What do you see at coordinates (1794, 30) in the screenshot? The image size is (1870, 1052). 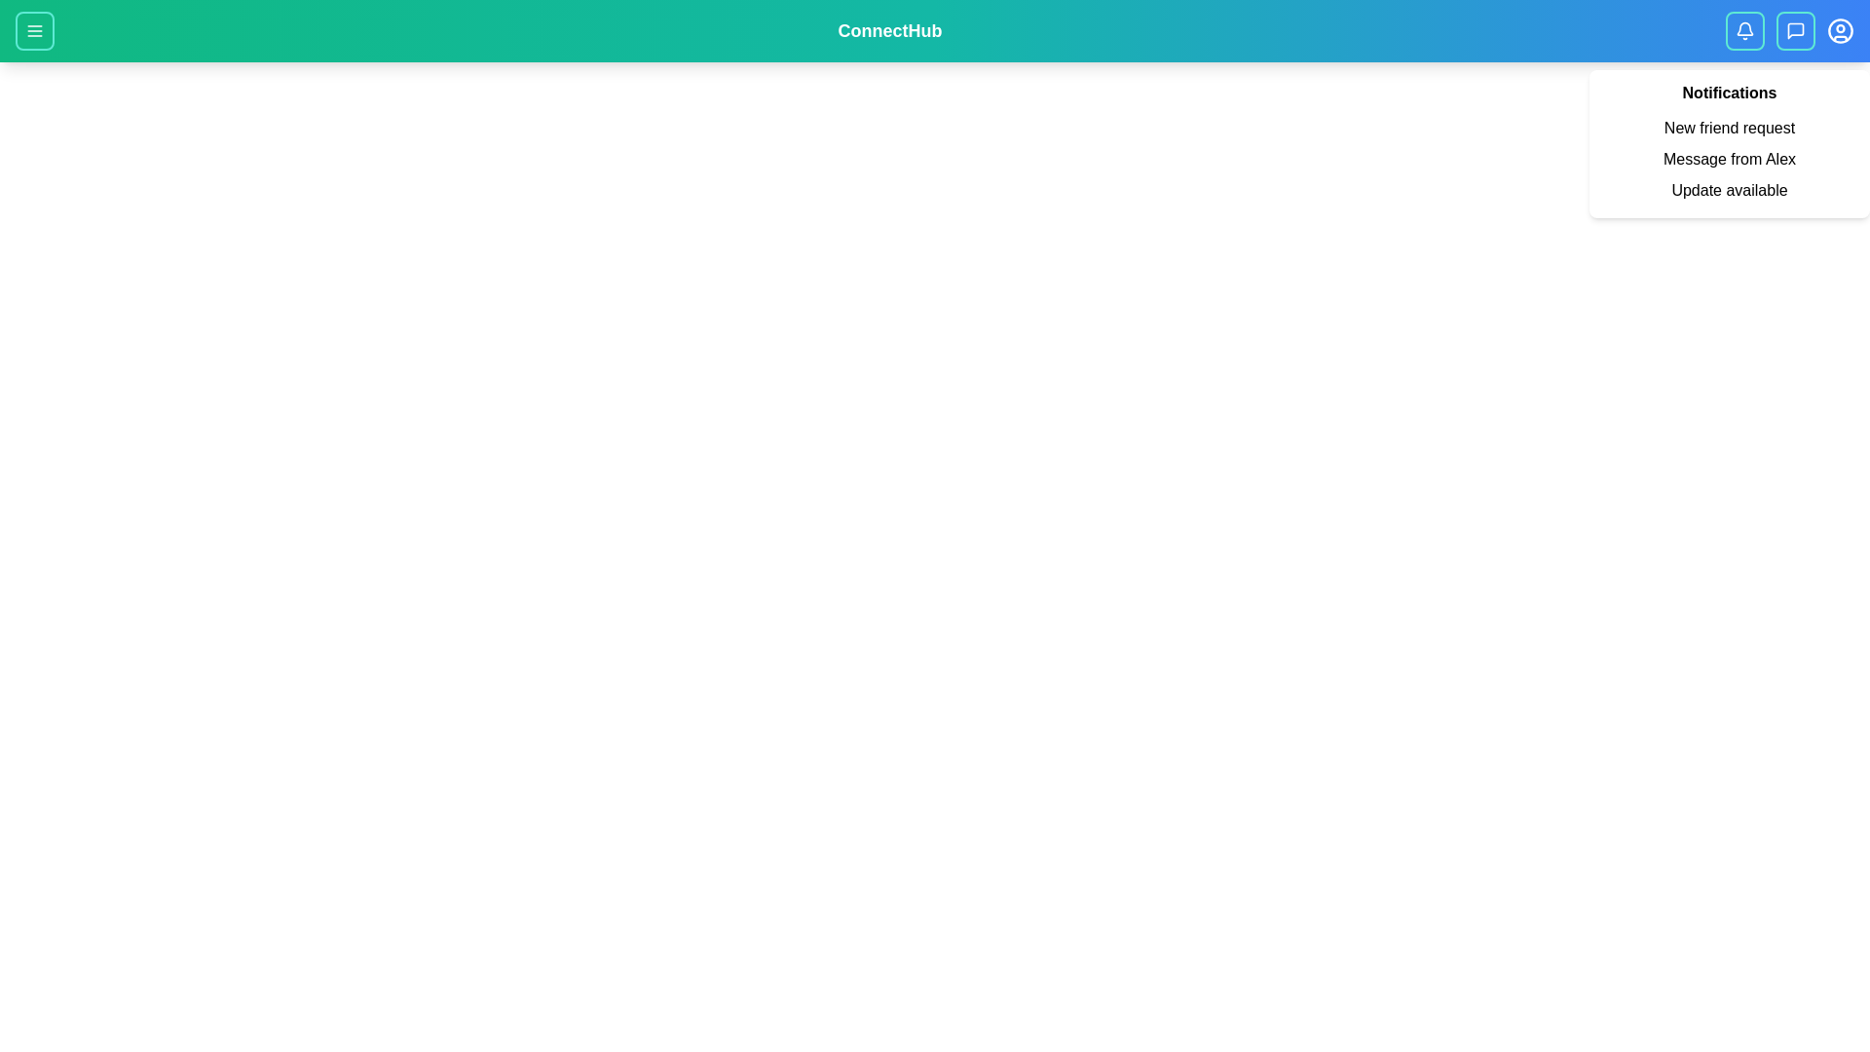 I see `the messaging button to open the messaging interface` at bounding box center [1794, 30].